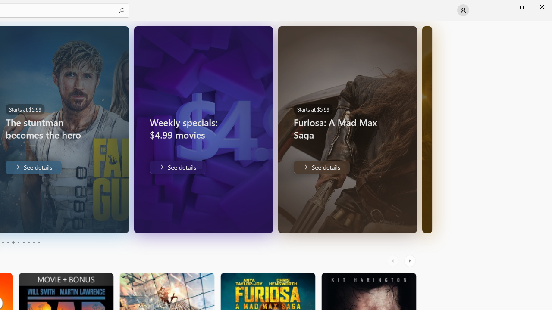 The image size is (552, 310). Describe the element at coordinates (7, 242) in the screenshot. I see `'Page 4'` at that location.